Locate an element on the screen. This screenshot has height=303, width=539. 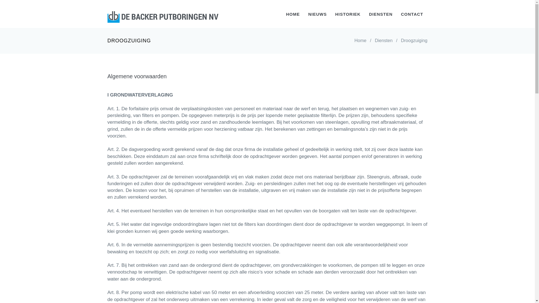
'HISTORIEK' is located at coordinates (347, 14).